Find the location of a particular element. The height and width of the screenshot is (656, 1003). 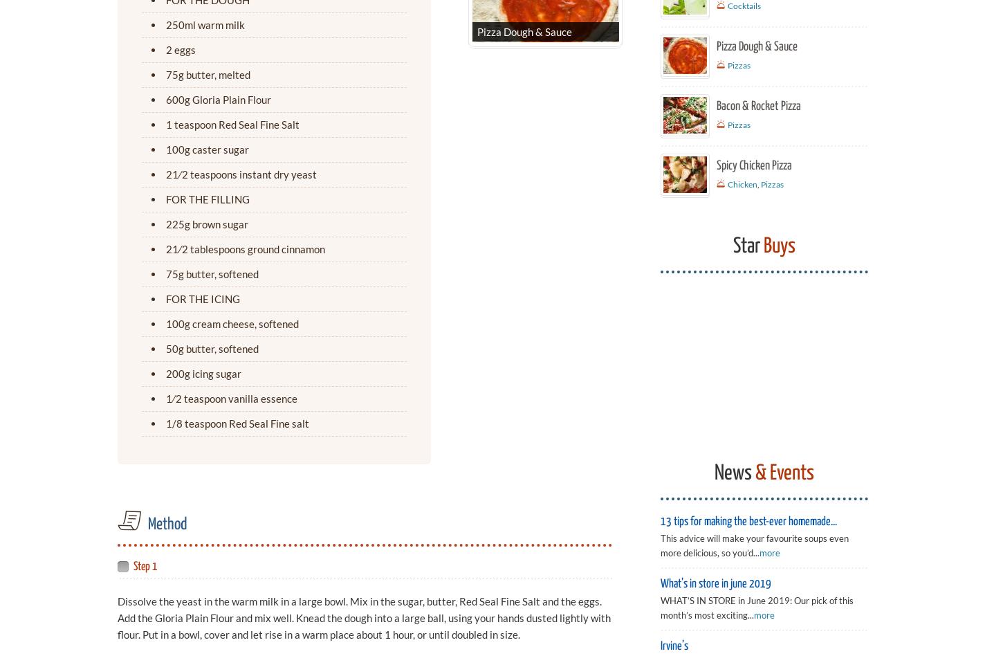

'Chicken' is located at coordinates (742, 183).